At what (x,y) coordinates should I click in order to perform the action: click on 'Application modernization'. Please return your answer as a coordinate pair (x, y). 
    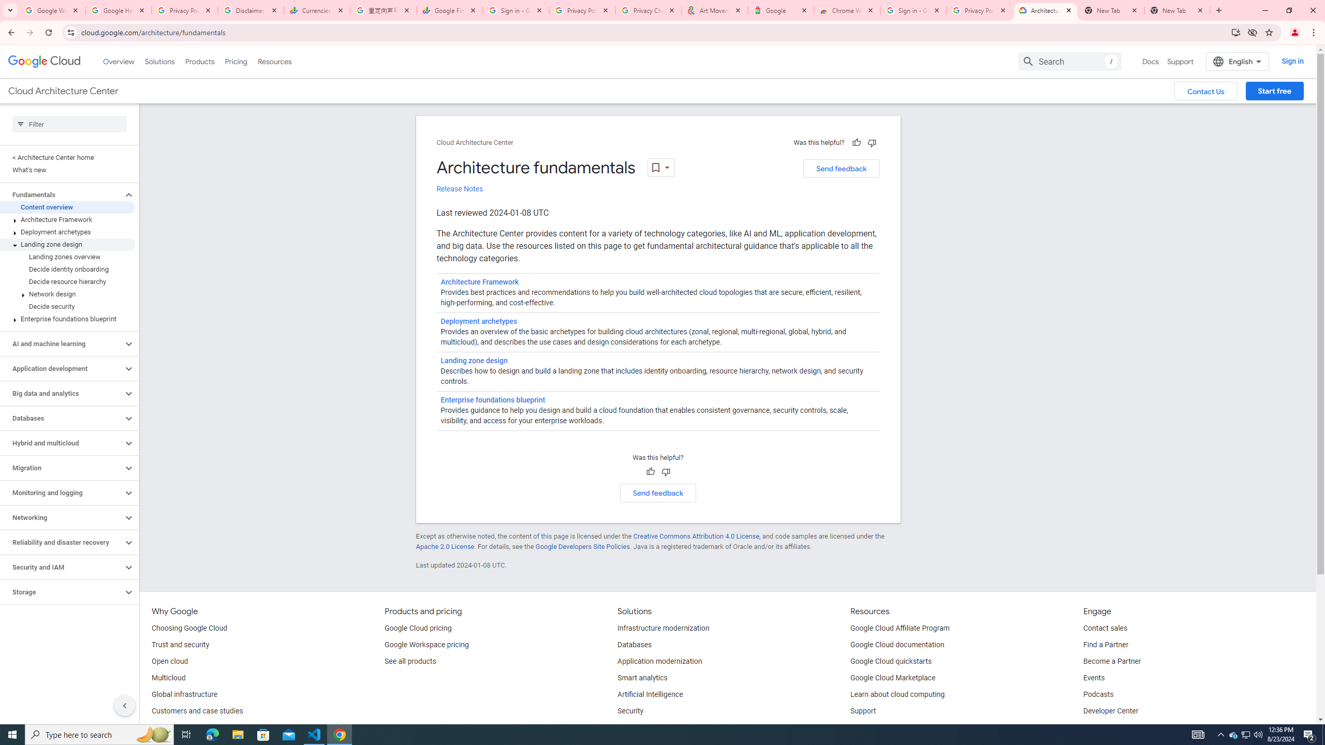
    Looking at the image, I should click on (659, 661).